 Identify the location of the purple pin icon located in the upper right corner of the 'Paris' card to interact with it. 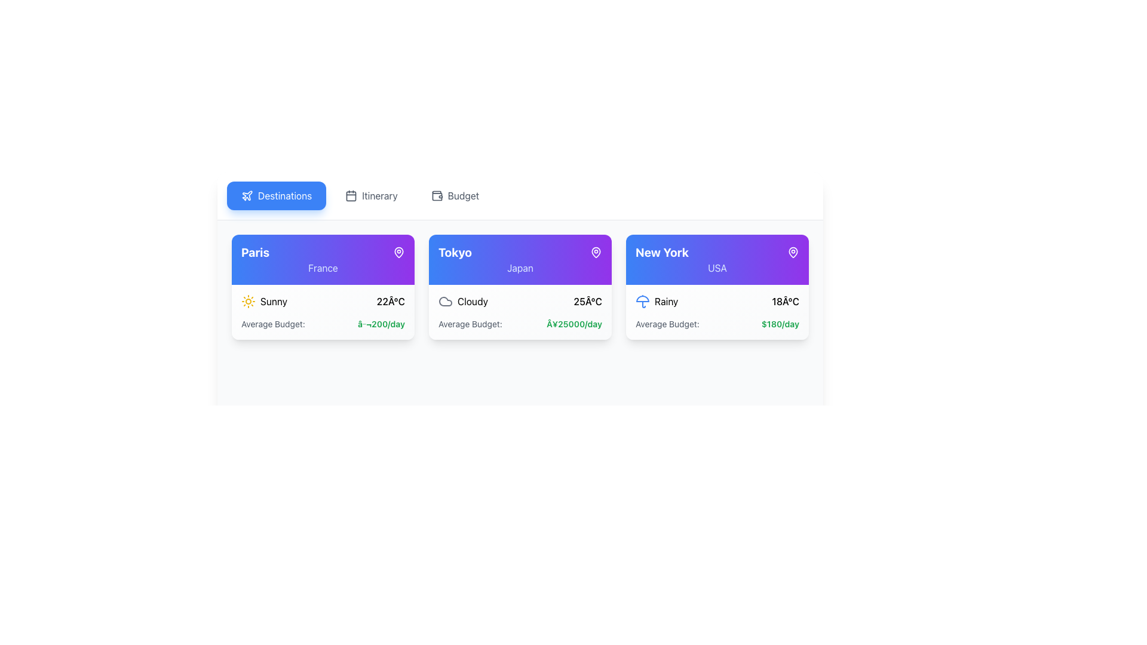
(398, 251).